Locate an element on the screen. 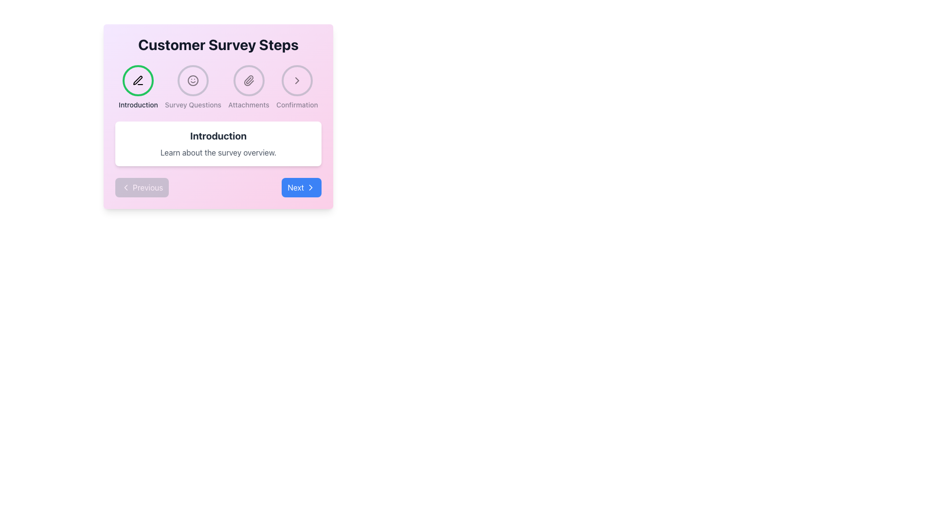 The height and width of the screenshot is (525, 934). the 'Attachments' text label, which is styled in a small font size and medium weight, located at the bottom of the circular icon group labeled 'Attachments' is located at coordinates (249, 105).